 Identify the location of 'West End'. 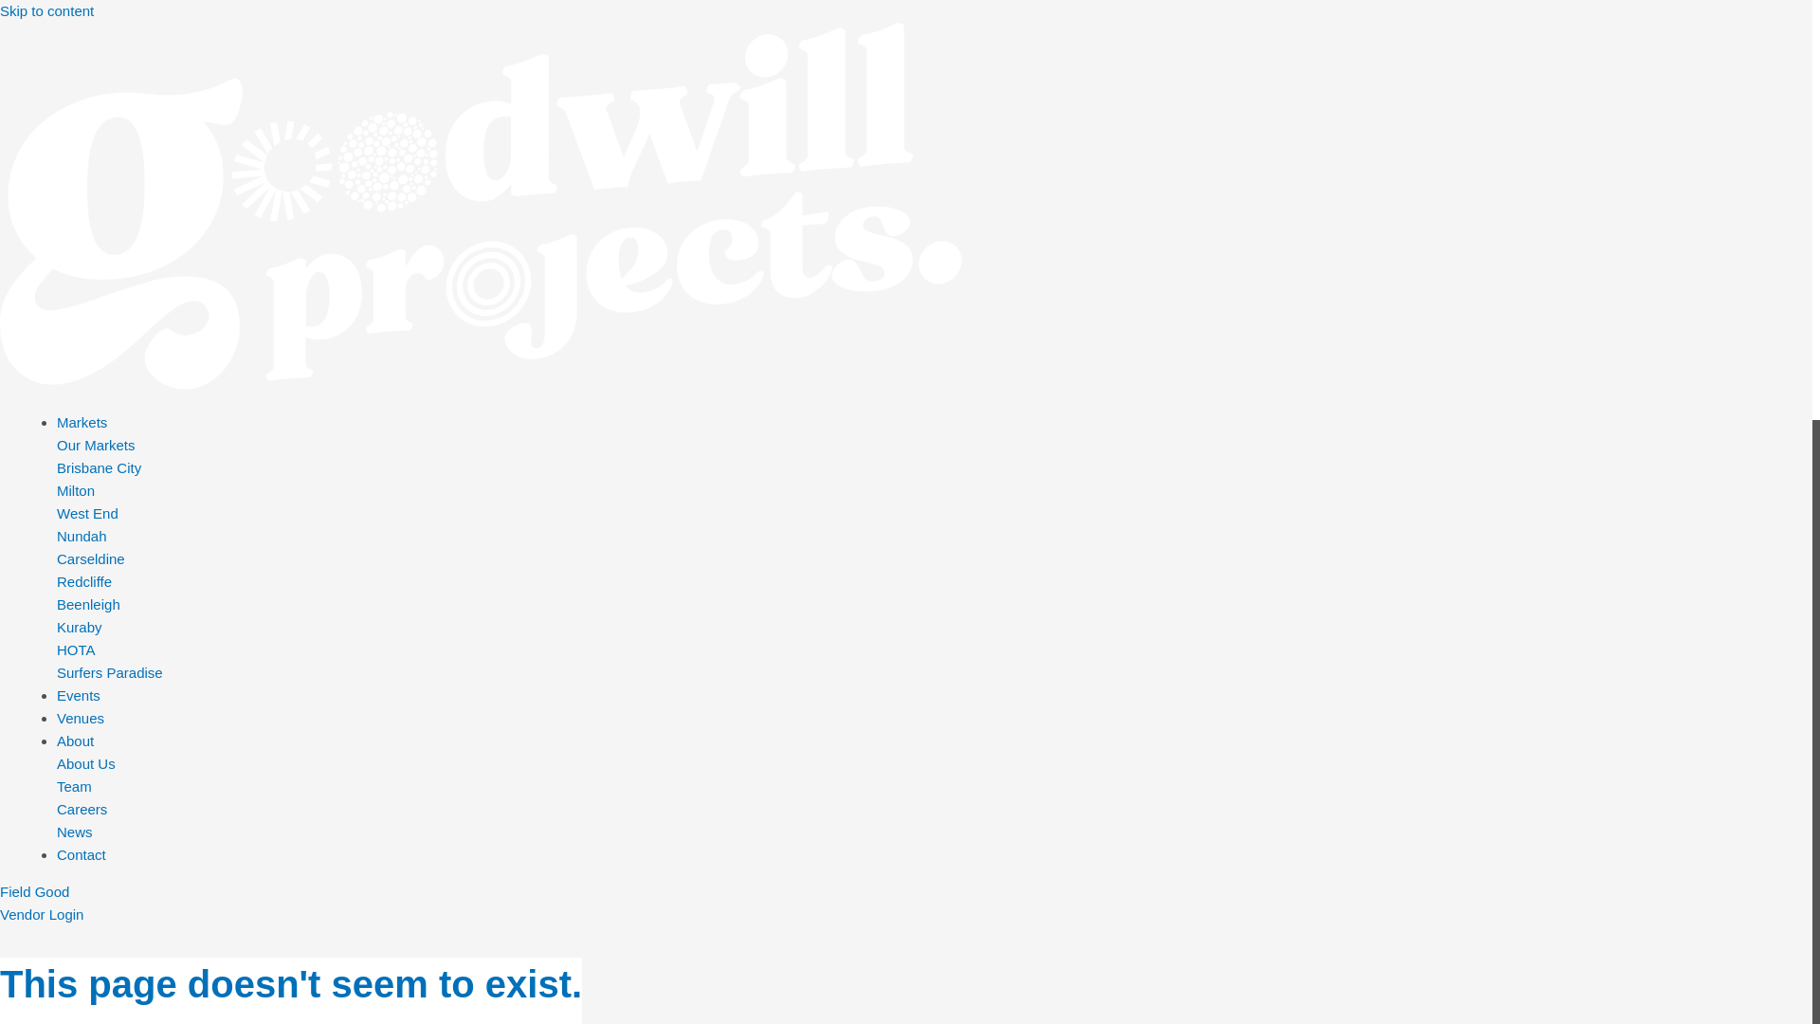
(56, 513).